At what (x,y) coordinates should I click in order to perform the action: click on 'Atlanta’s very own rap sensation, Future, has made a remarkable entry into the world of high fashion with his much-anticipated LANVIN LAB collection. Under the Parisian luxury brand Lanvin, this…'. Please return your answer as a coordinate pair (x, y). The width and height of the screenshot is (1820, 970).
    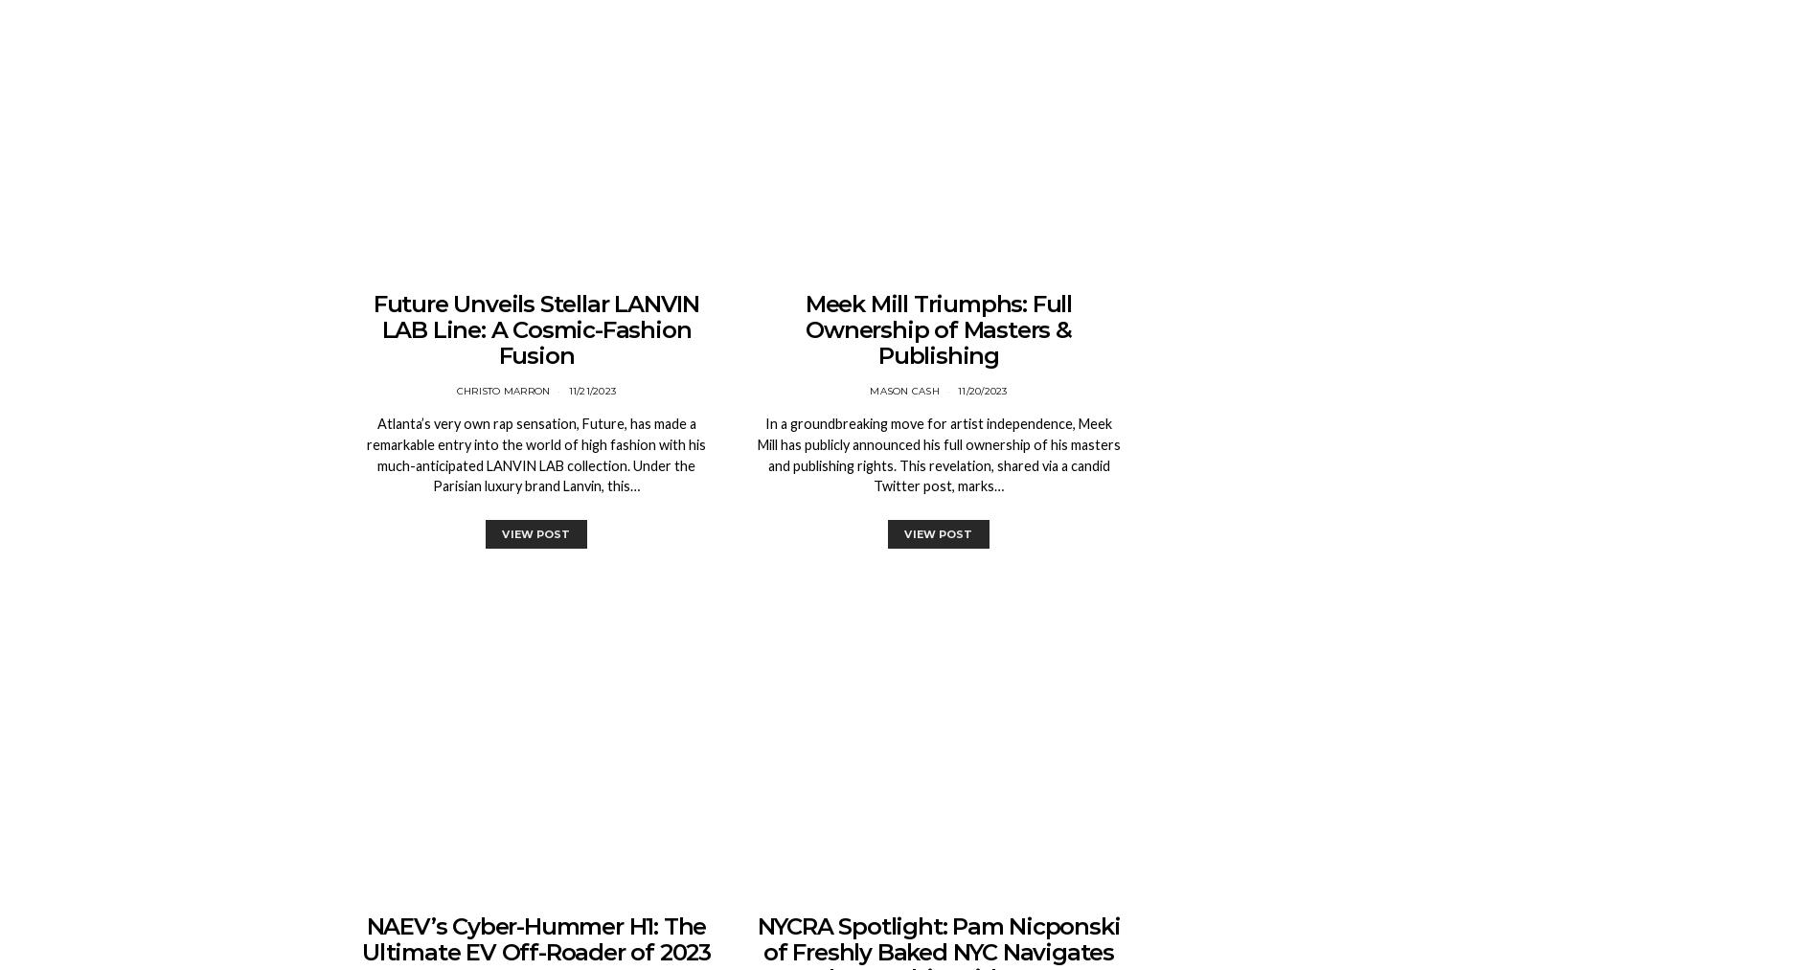
    Looking at the image, I should click on (535, 453).